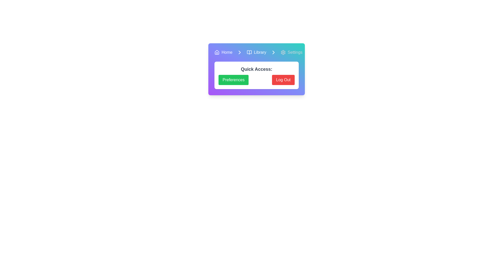 The height and width of the screenshot is (275, 489). What do you see at coordinates (217, 52) in the screenshot?
I see `the 'Home' icon in the navigation bar` at bounding box center [217, 52].